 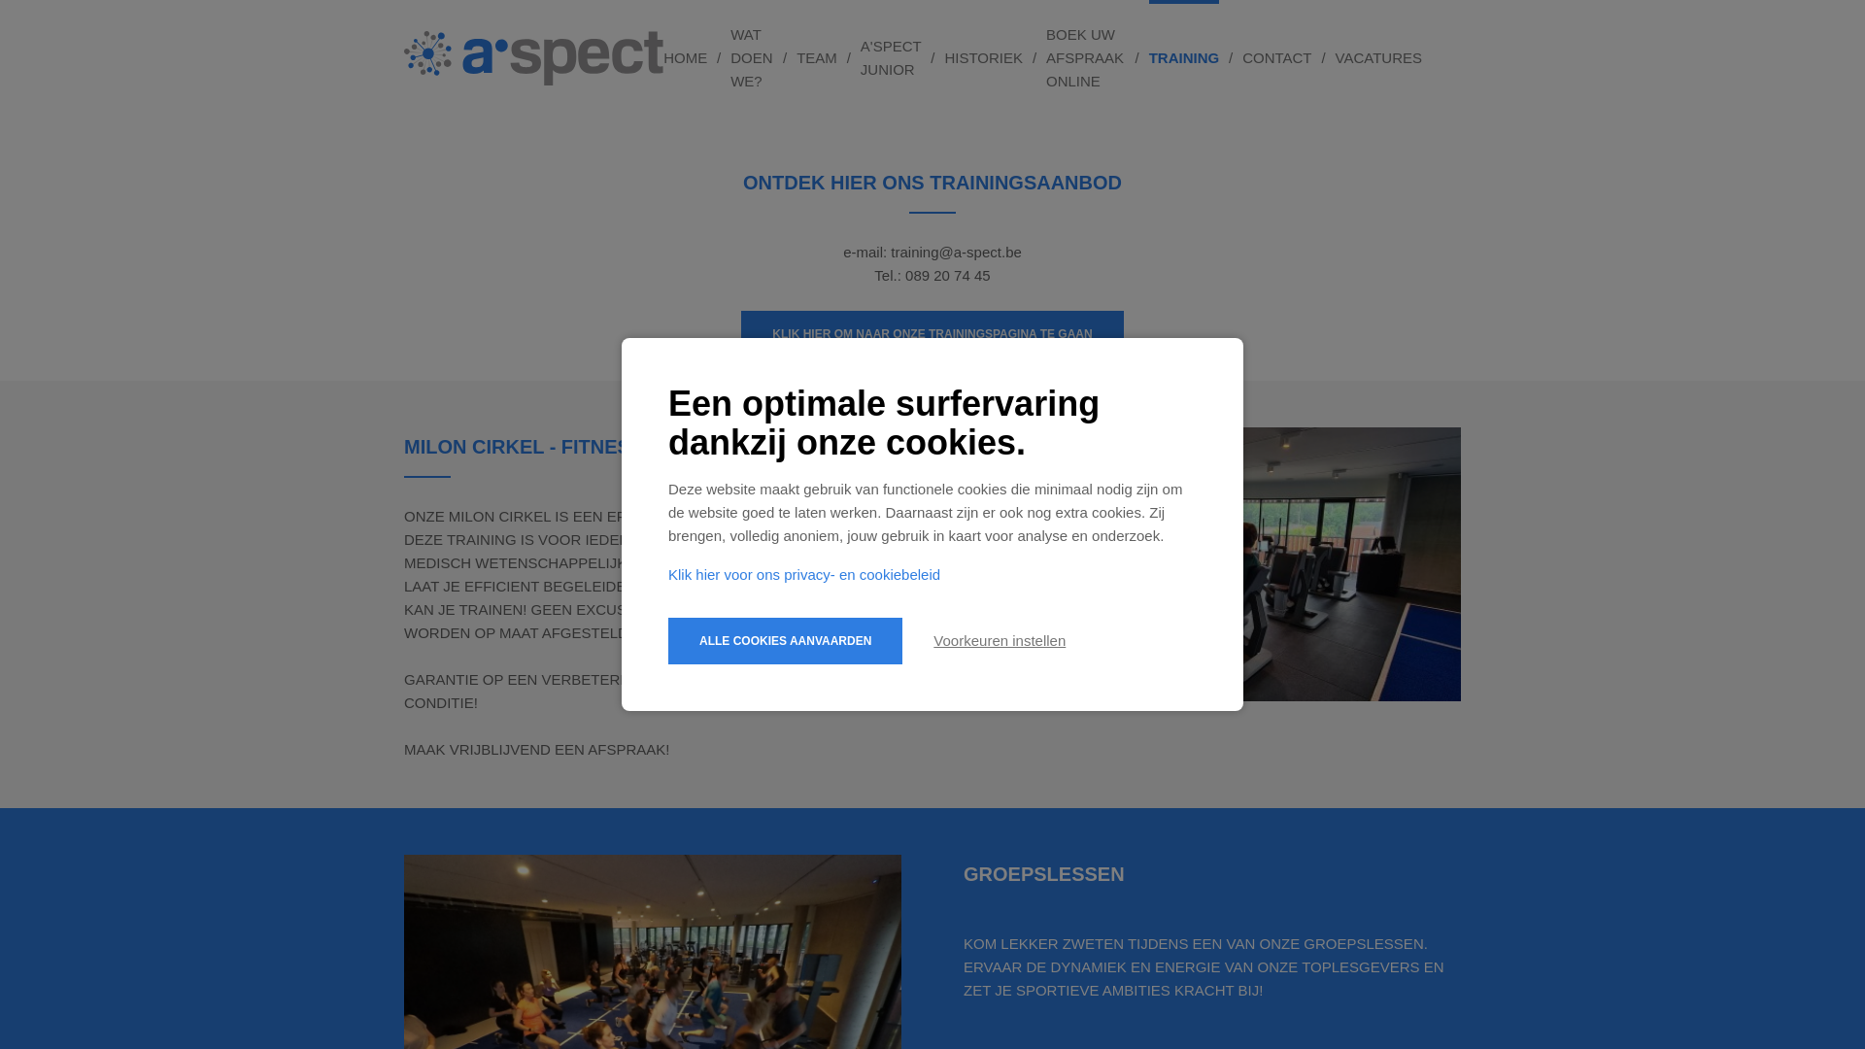 I want to click on 'VACATURES', so click(x=1334, y=57).